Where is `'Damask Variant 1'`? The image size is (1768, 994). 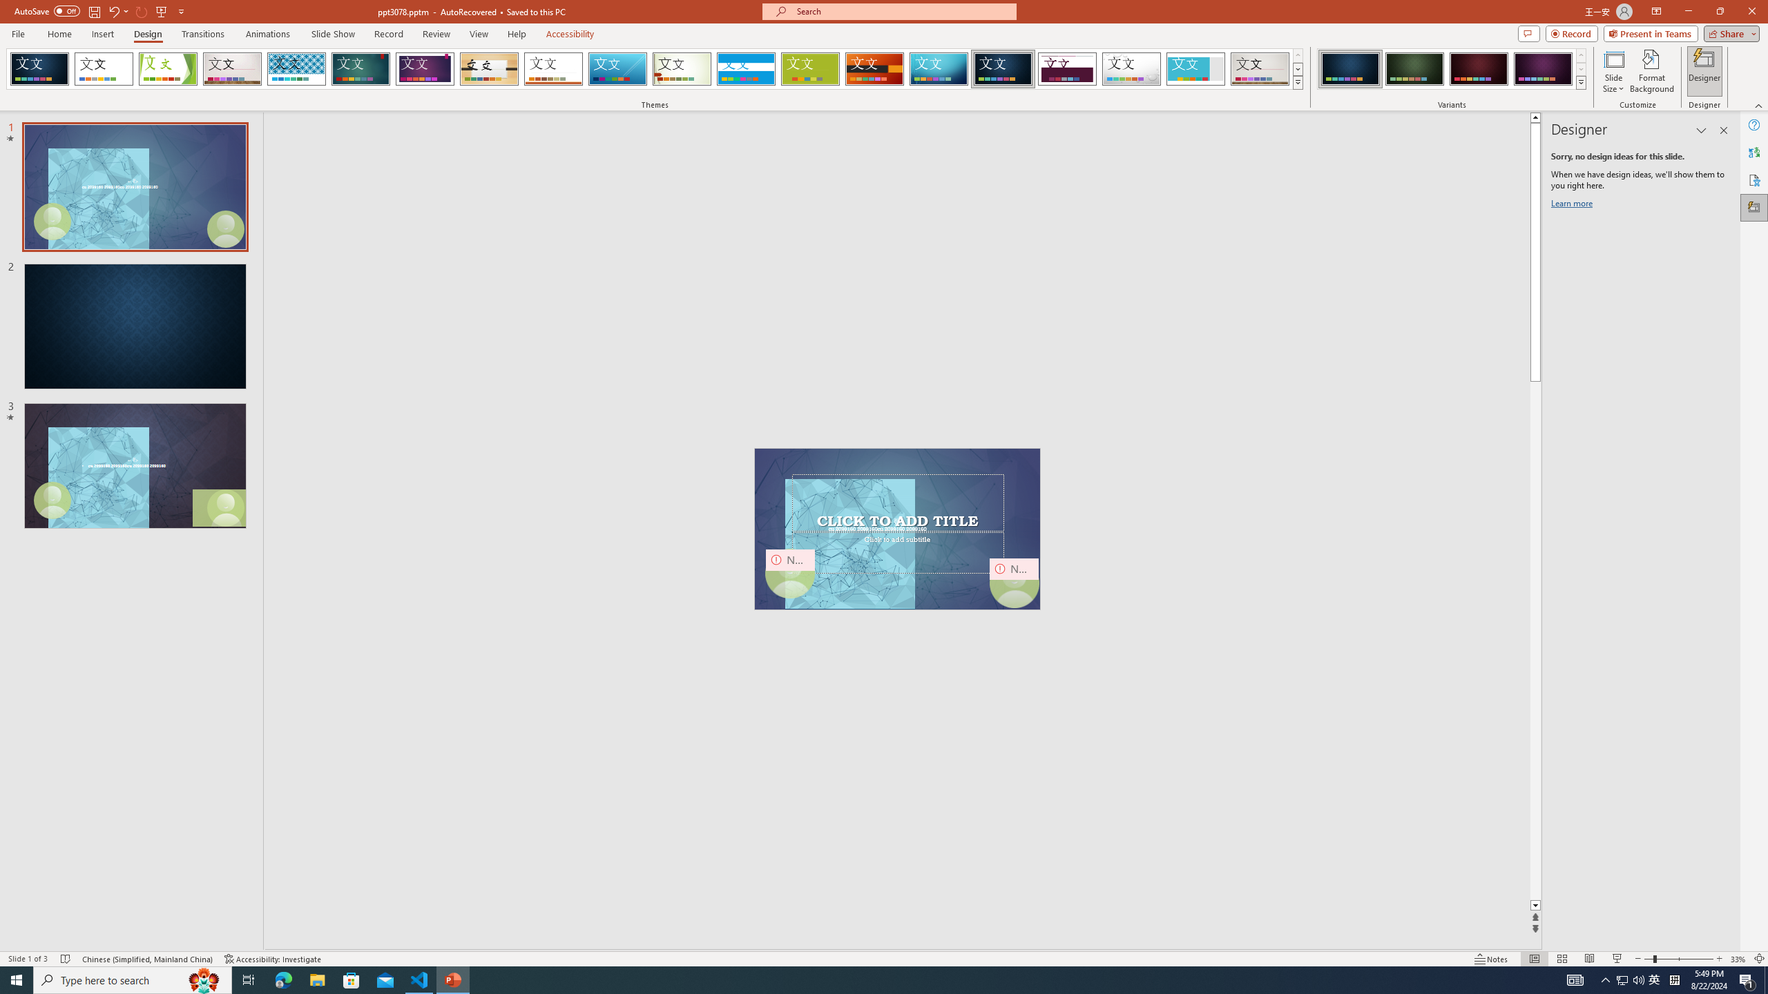 'Damask Variant 1' is located at coordinates (1349, 68).